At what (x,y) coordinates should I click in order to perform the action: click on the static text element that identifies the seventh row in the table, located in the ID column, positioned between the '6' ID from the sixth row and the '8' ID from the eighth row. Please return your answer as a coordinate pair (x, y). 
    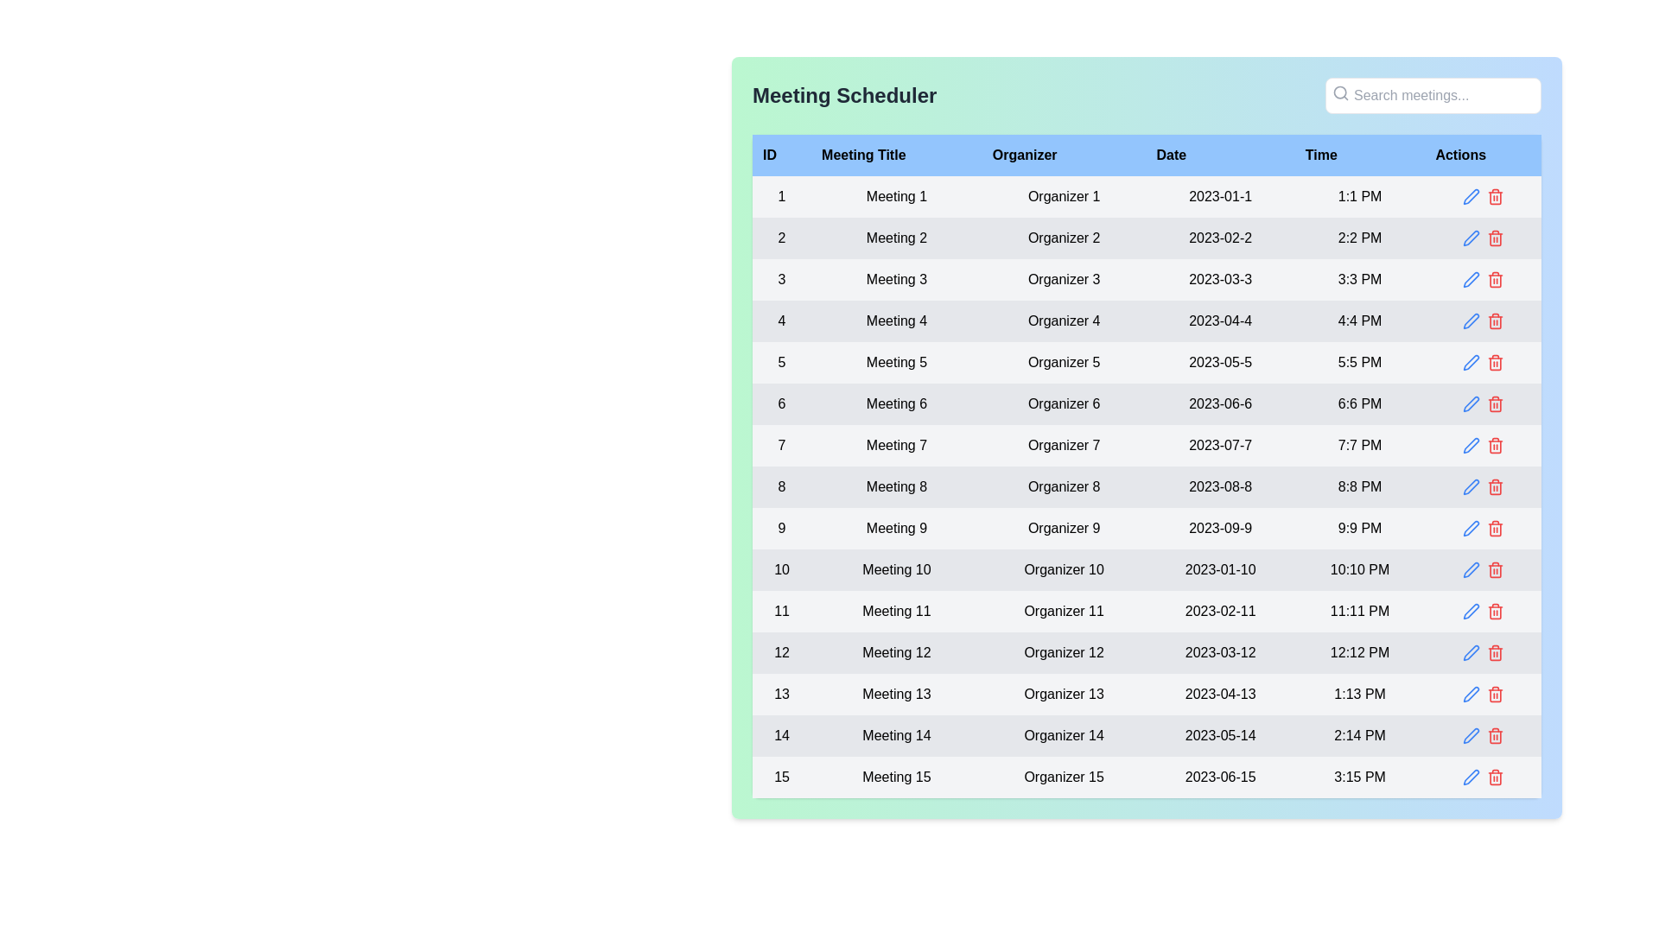
    Looking at the image, I should click on (781, 445).